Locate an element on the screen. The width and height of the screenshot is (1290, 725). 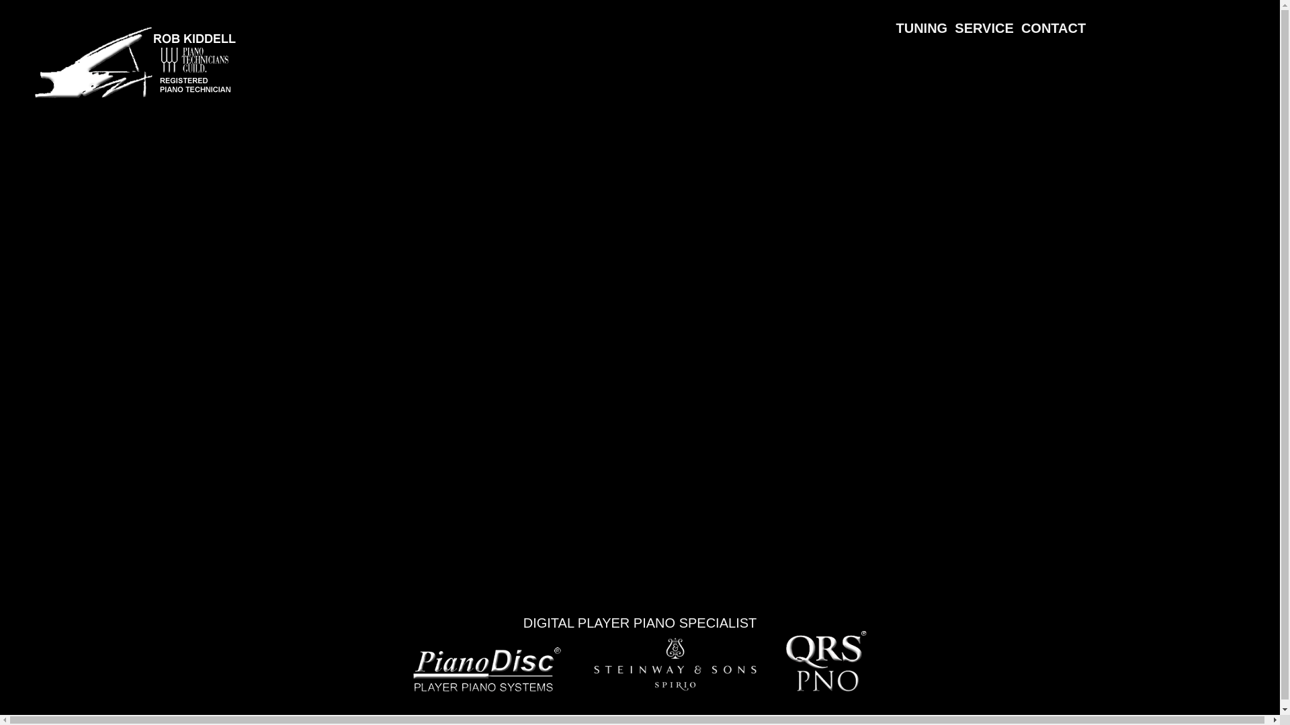
'SERVICE  ' is located at coordinates (988, 20).